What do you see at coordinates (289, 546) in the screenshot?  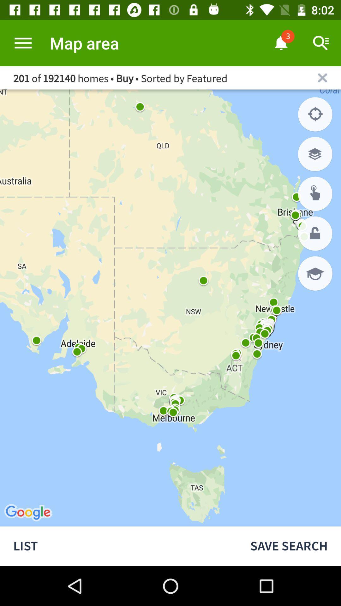 I see `save search at the bottom right corner` at bounding box center [289, 546].